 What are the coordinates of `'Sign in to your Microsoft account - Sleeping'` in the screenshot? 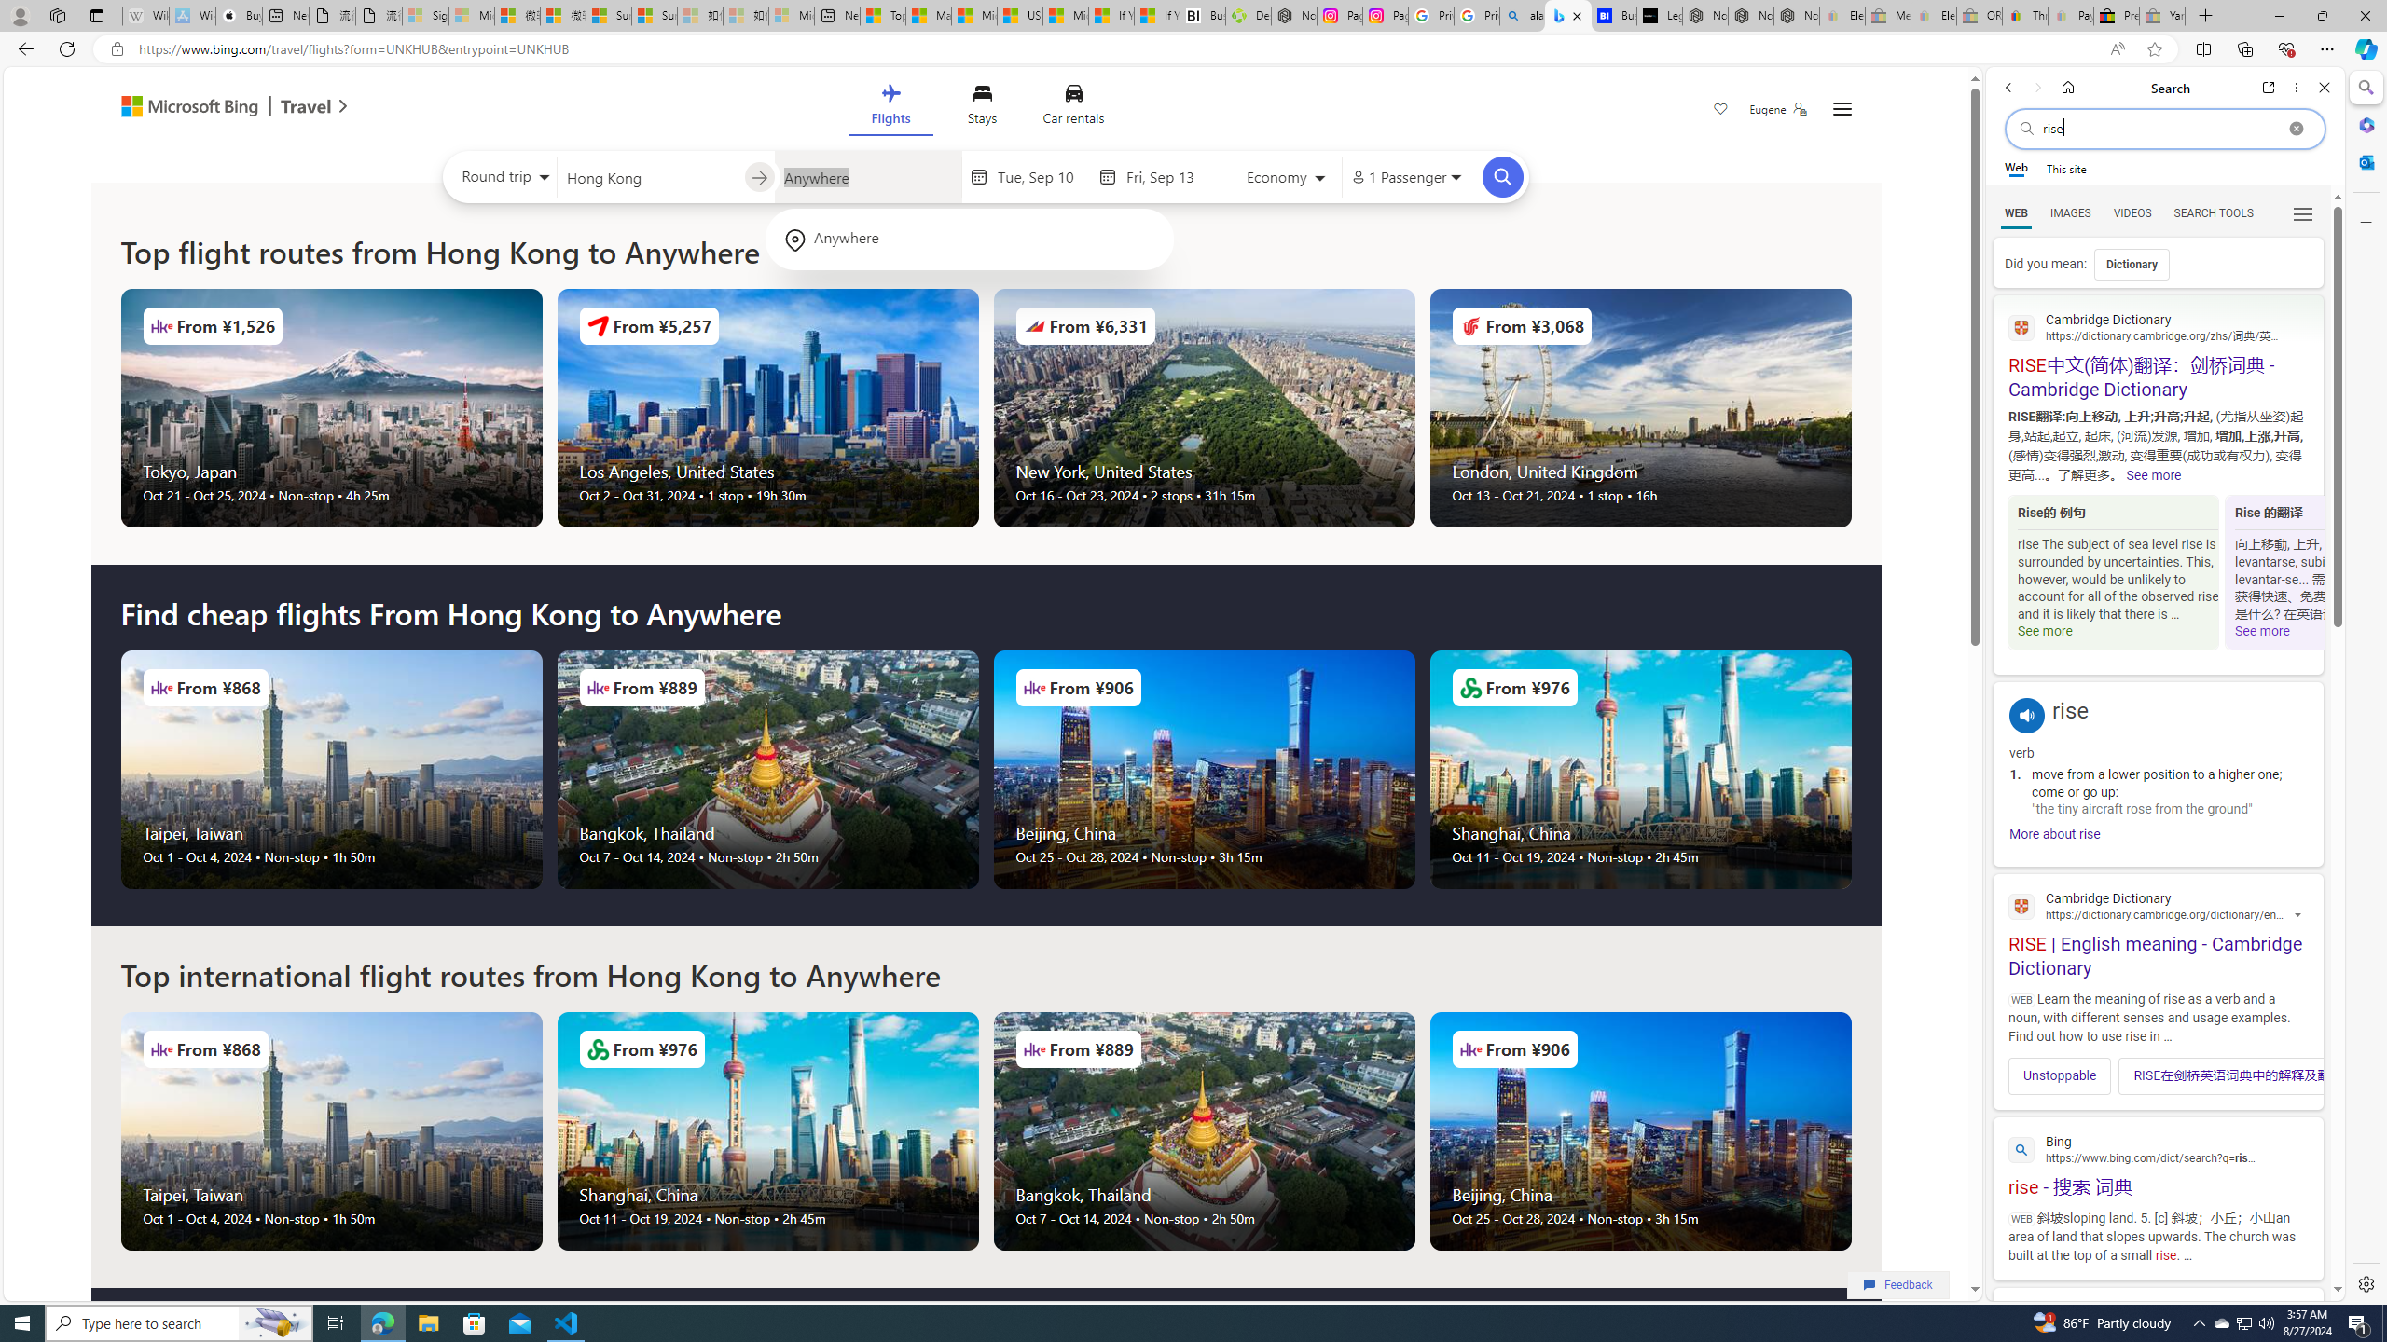 It's located at (423, 15).